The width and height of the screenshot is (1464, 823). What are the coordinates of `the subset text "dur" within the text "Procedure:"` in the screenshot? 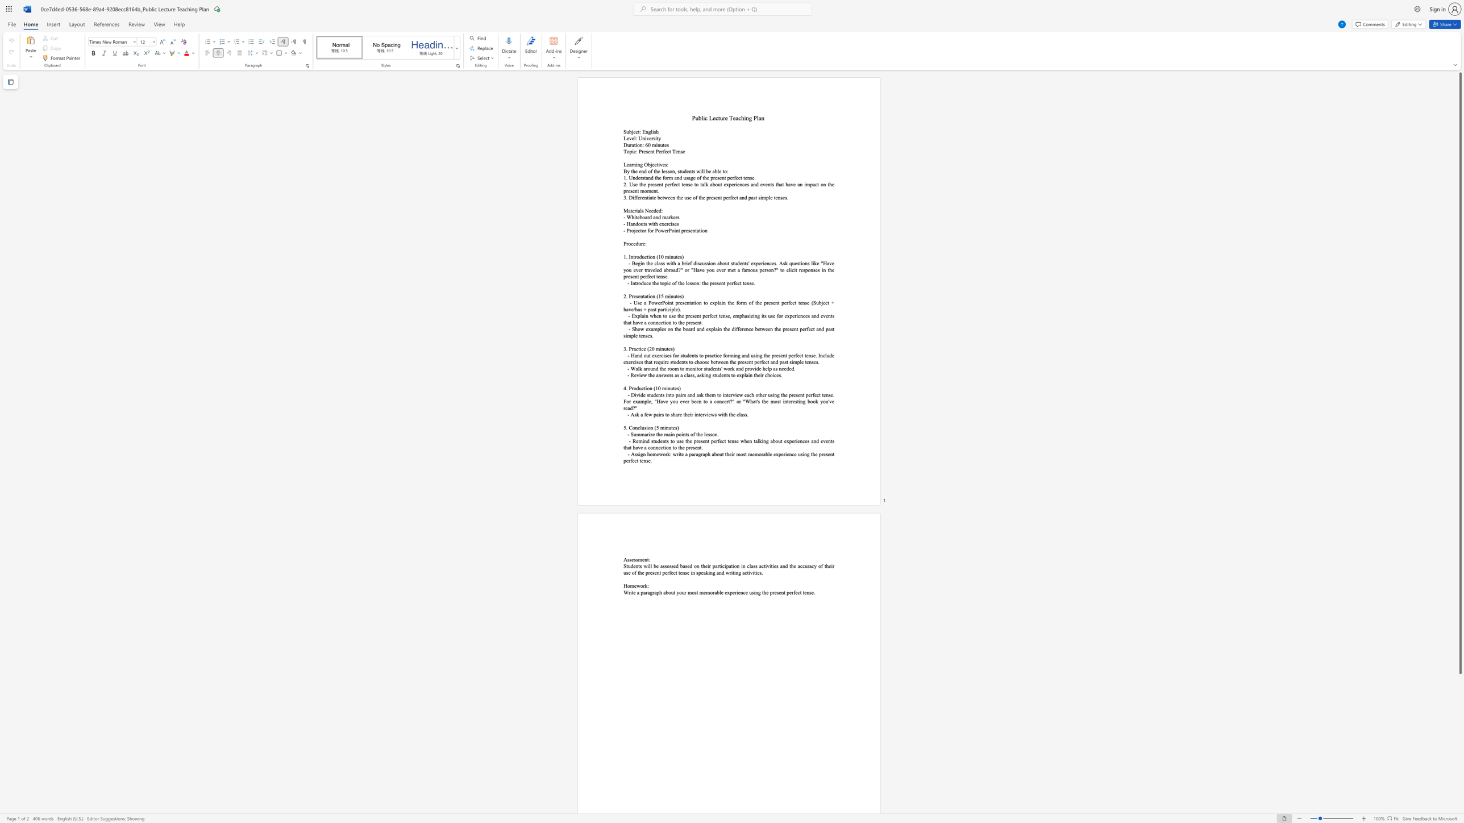 It's located at (635, 243).